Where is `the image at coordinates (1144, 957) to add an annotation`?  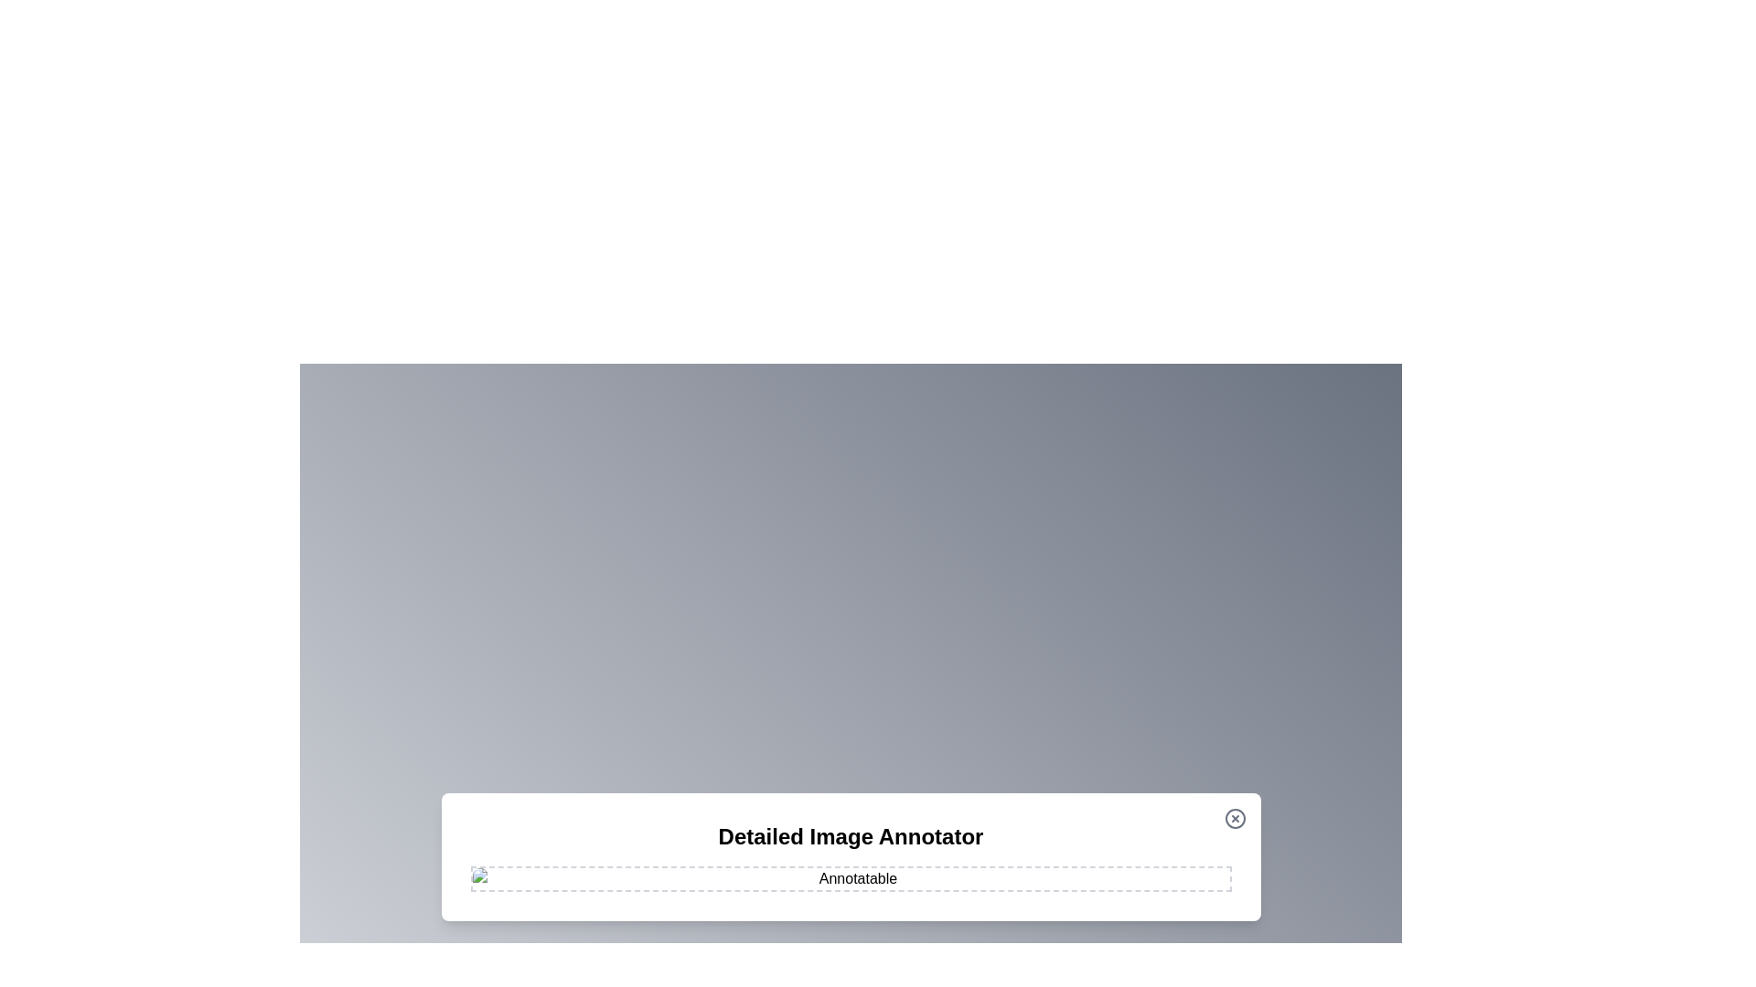 the image at coordinates (1144, 957) to add an annotation is located at coordinates (1045, 873).